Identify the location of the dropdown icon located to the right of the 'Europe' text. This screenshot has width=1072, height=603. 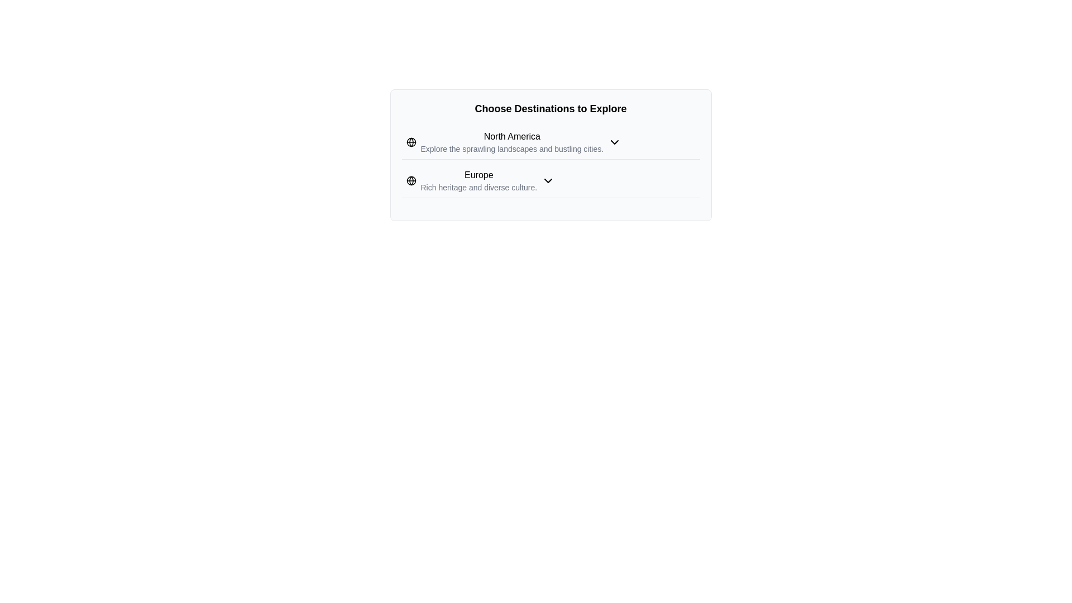
(548, 180).